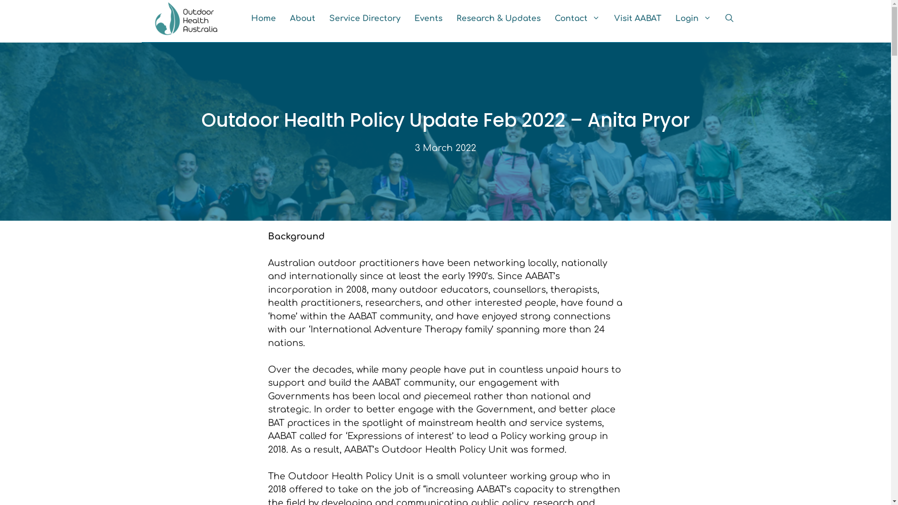 The height and width of the screenshot is (505, 898). What do you see at coordinates (263, 18) in the screenshot?
I see `'Home'` at bounding box center [263, 18].